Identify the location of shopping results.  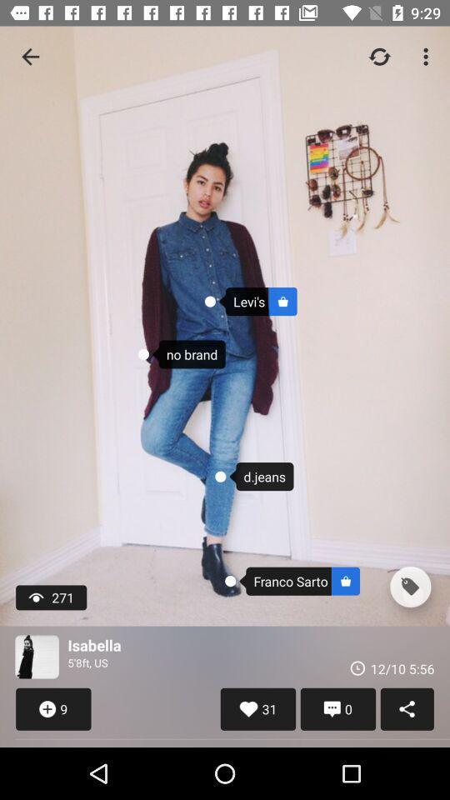
(409, 587).